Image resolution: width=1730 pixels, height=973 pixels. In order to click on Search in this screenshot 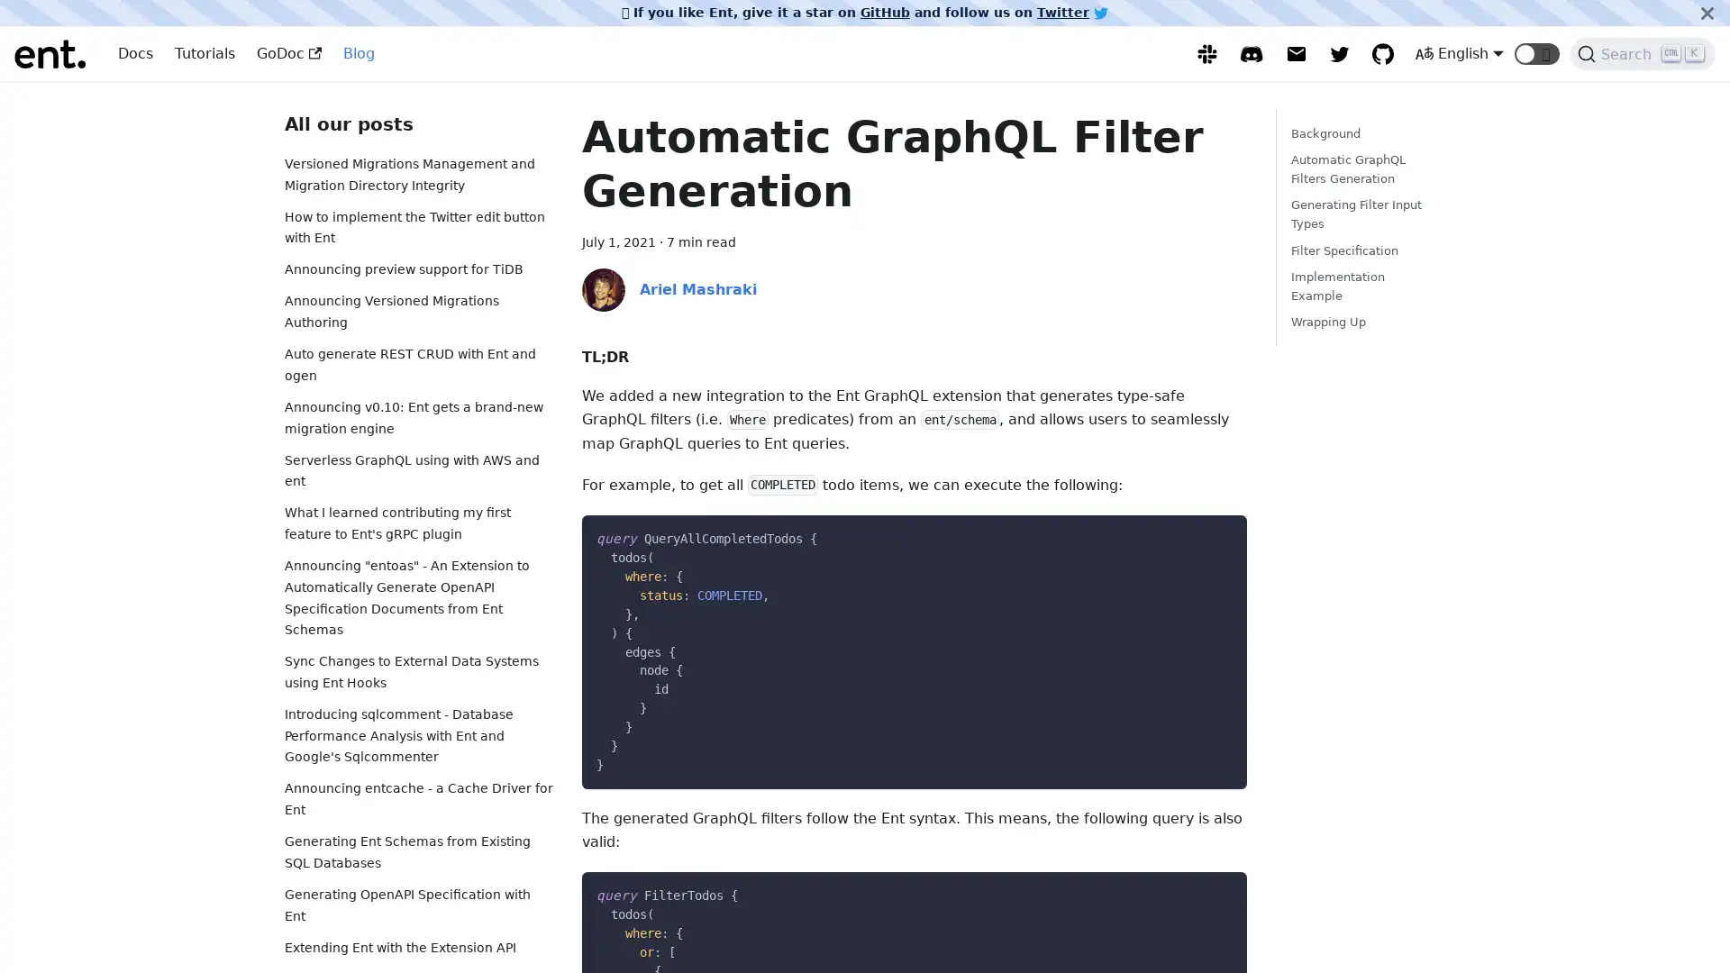, I will do `click(1643, 53)`.